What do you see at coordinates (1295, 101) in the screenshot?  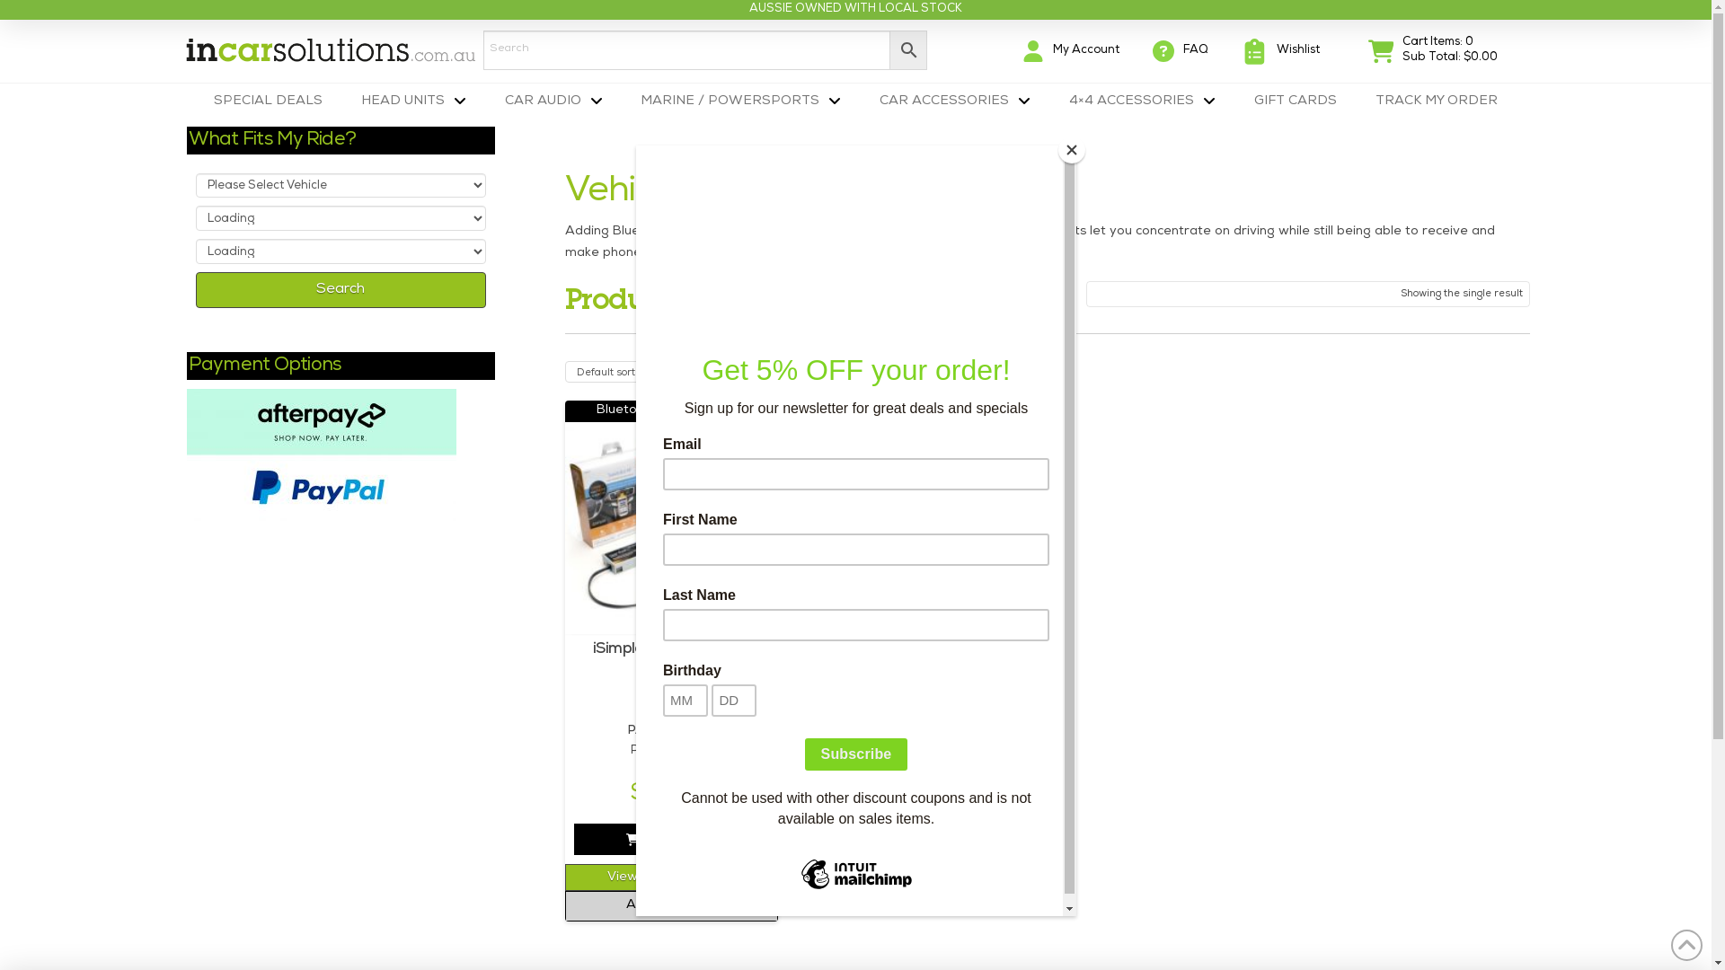 I see `'GIFT CARDS'` at bounding box center [1295, 101].